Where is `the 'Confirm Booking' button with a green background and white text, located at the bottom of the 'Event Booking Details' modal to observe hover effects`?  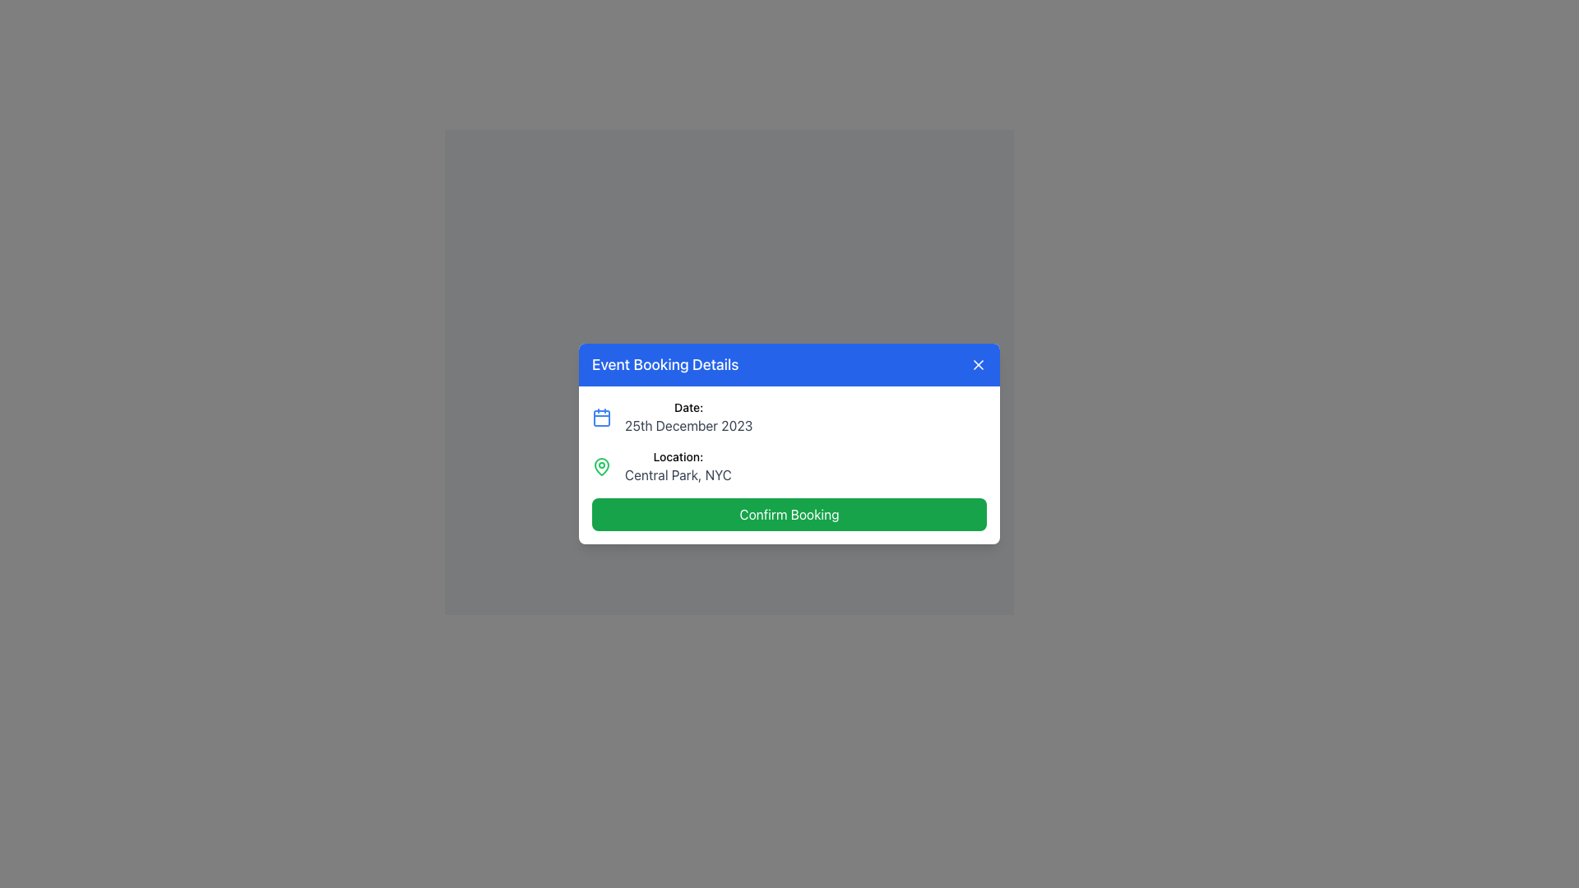 the 'Confirm Booking' button with a green background and white text, located at the bottom of the 'Event Booking Details' modal to observe hover effects is located at coordinates (789, 513).